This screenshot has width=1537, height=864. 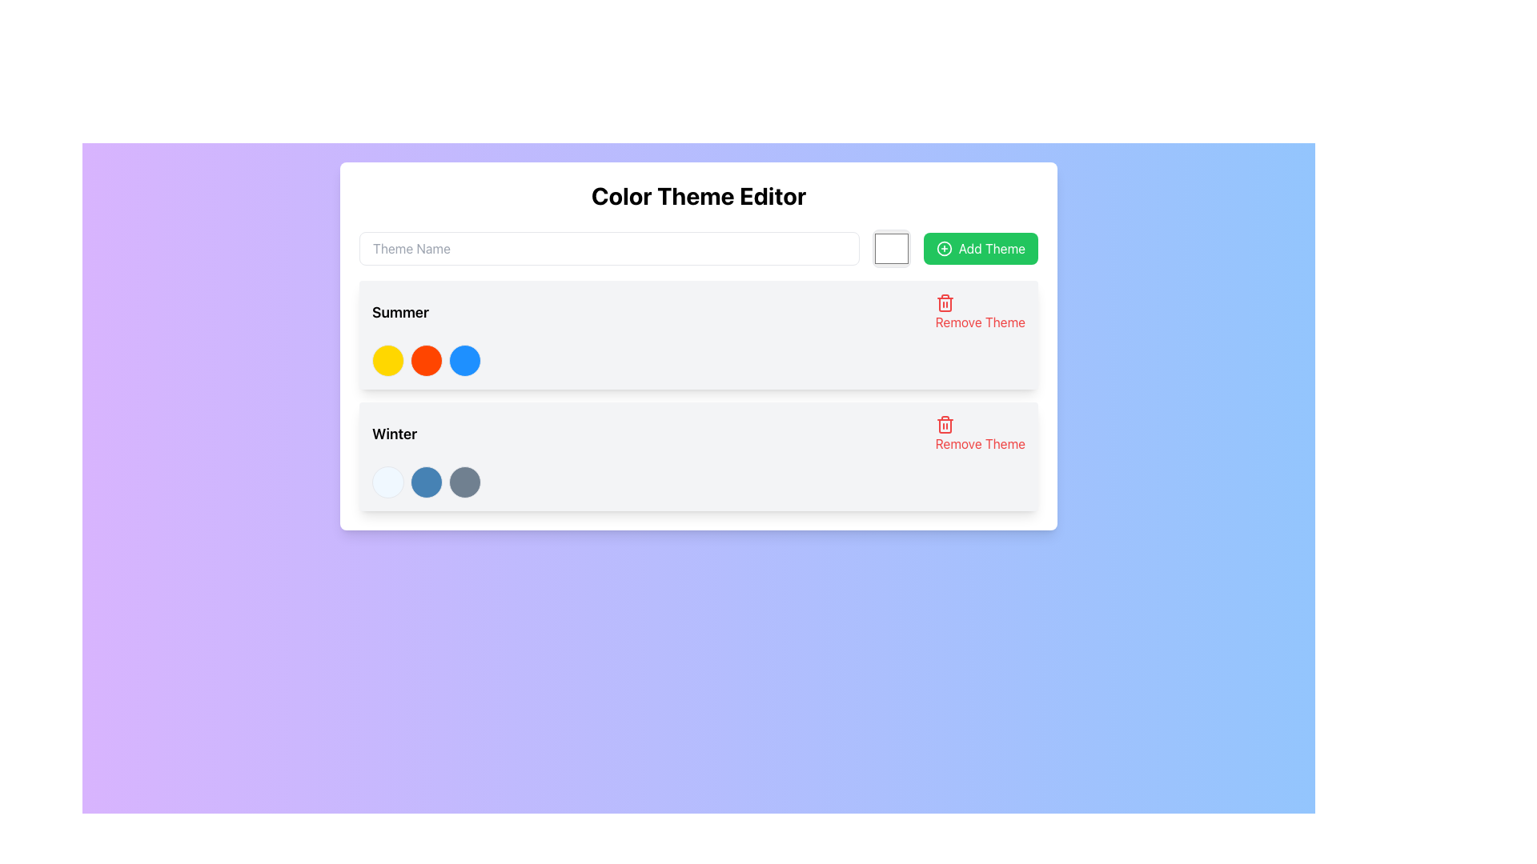 What do you see at coordinates (426, 481) in the screenshot?
I see `the second interactive color selection button in the Winter section, which is represented as a circle for selecting a color` at bounding box center [426, 481].